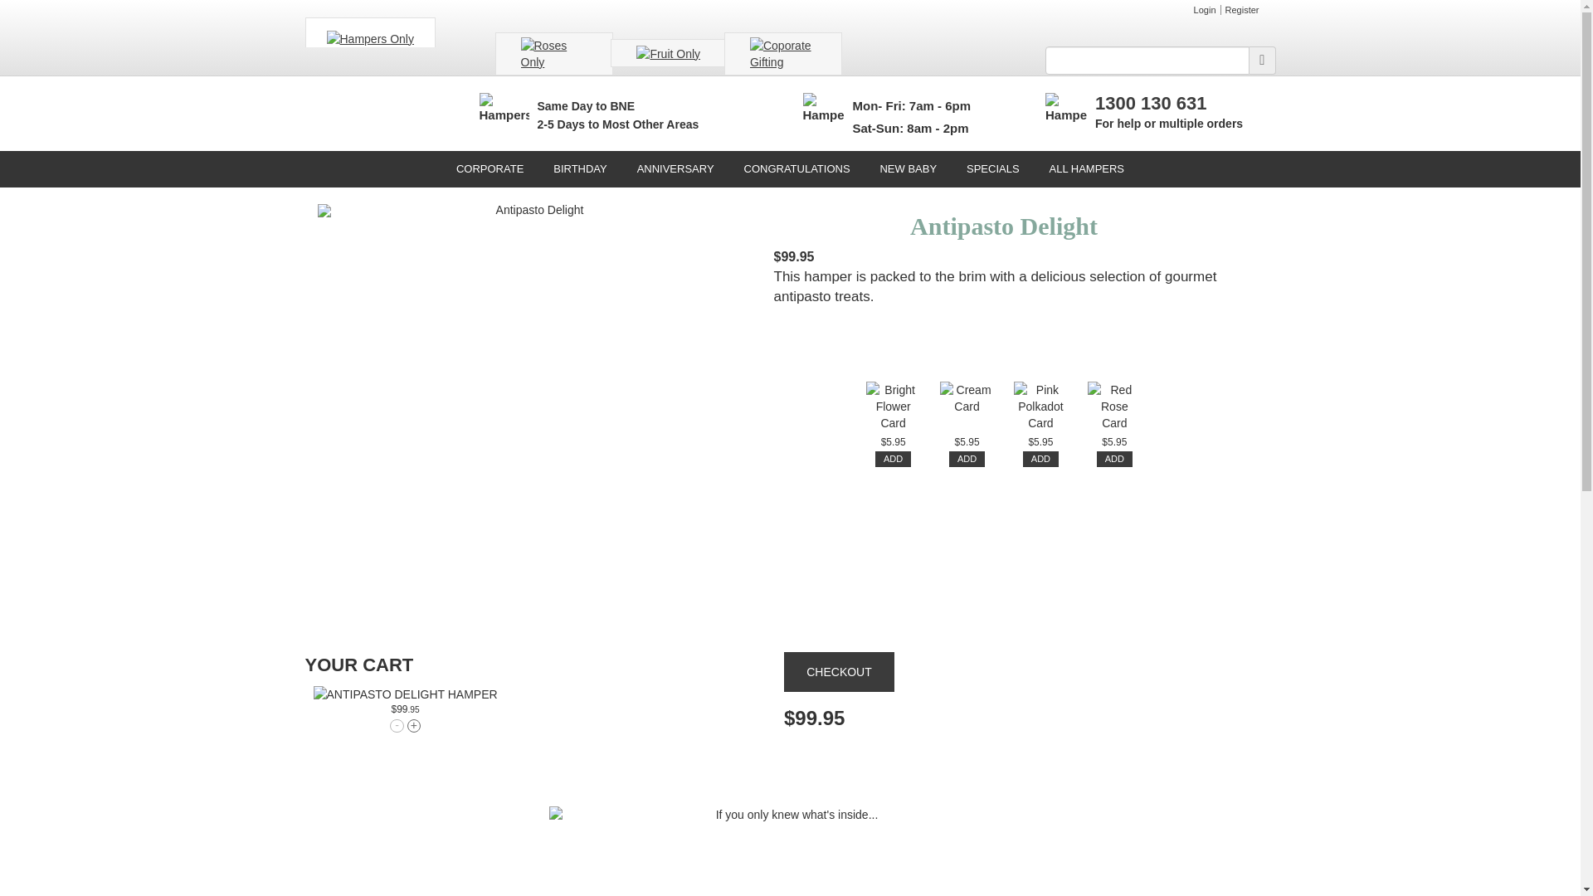  What do you see at coordinates (992, 169) in the screenshot?
I see `'SPECIALS'` at bounding box center [992, 169].